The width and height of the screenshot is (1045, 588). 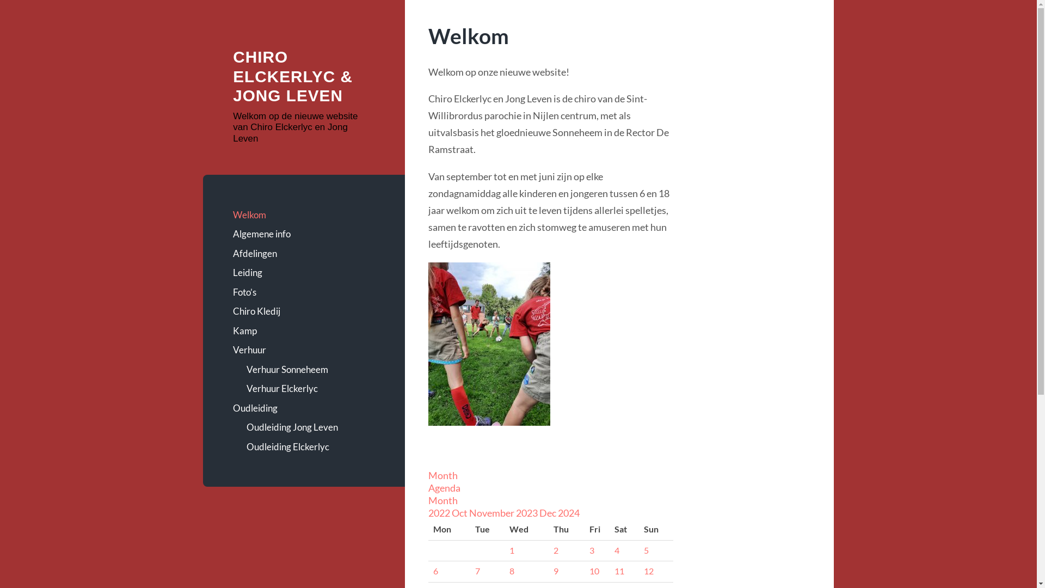 I want to click on 'Oudleiding Elckerlyc', so click(x=310, y=447).